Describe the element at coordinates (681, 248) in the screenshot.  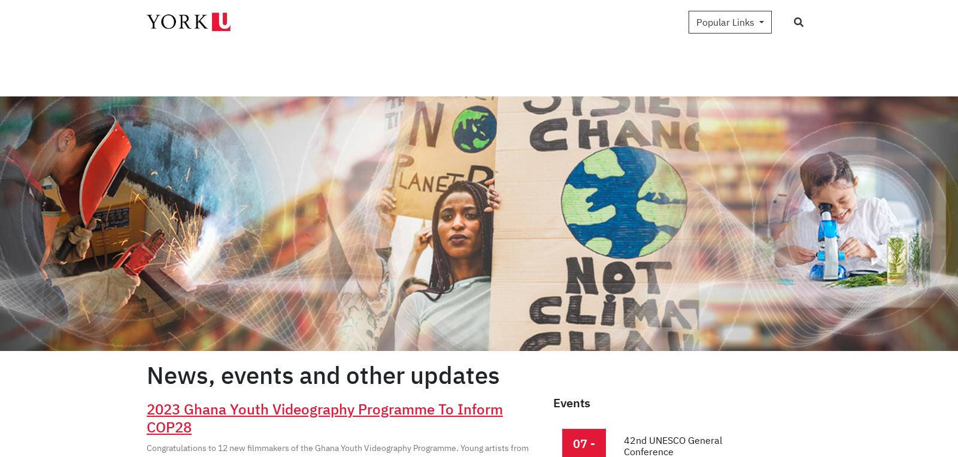
I see `'NEWS: Facilitating female employment in Jordan'` at that location.